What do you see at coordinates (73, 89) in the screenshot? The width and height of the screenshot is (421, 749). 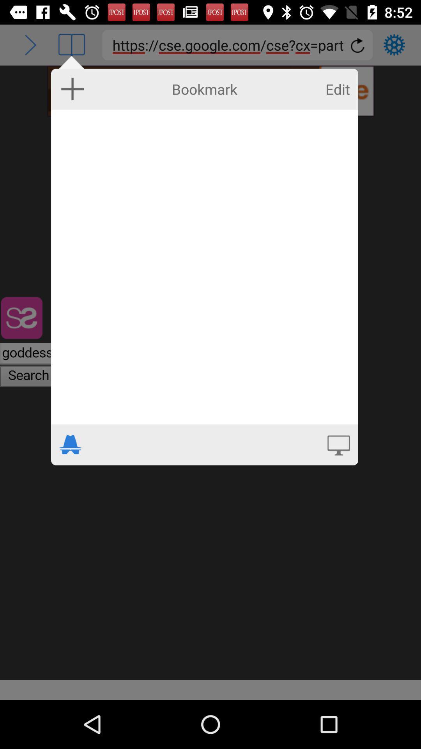 I see `a bookmark` at bounding box center [73, 89].